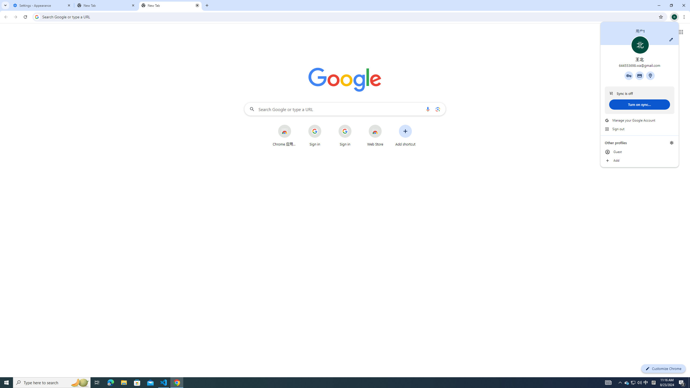  What do you see at coordinates (671, 39) in the screenshot?
I see `'Customize profile'` at bounding box center [671, 39].